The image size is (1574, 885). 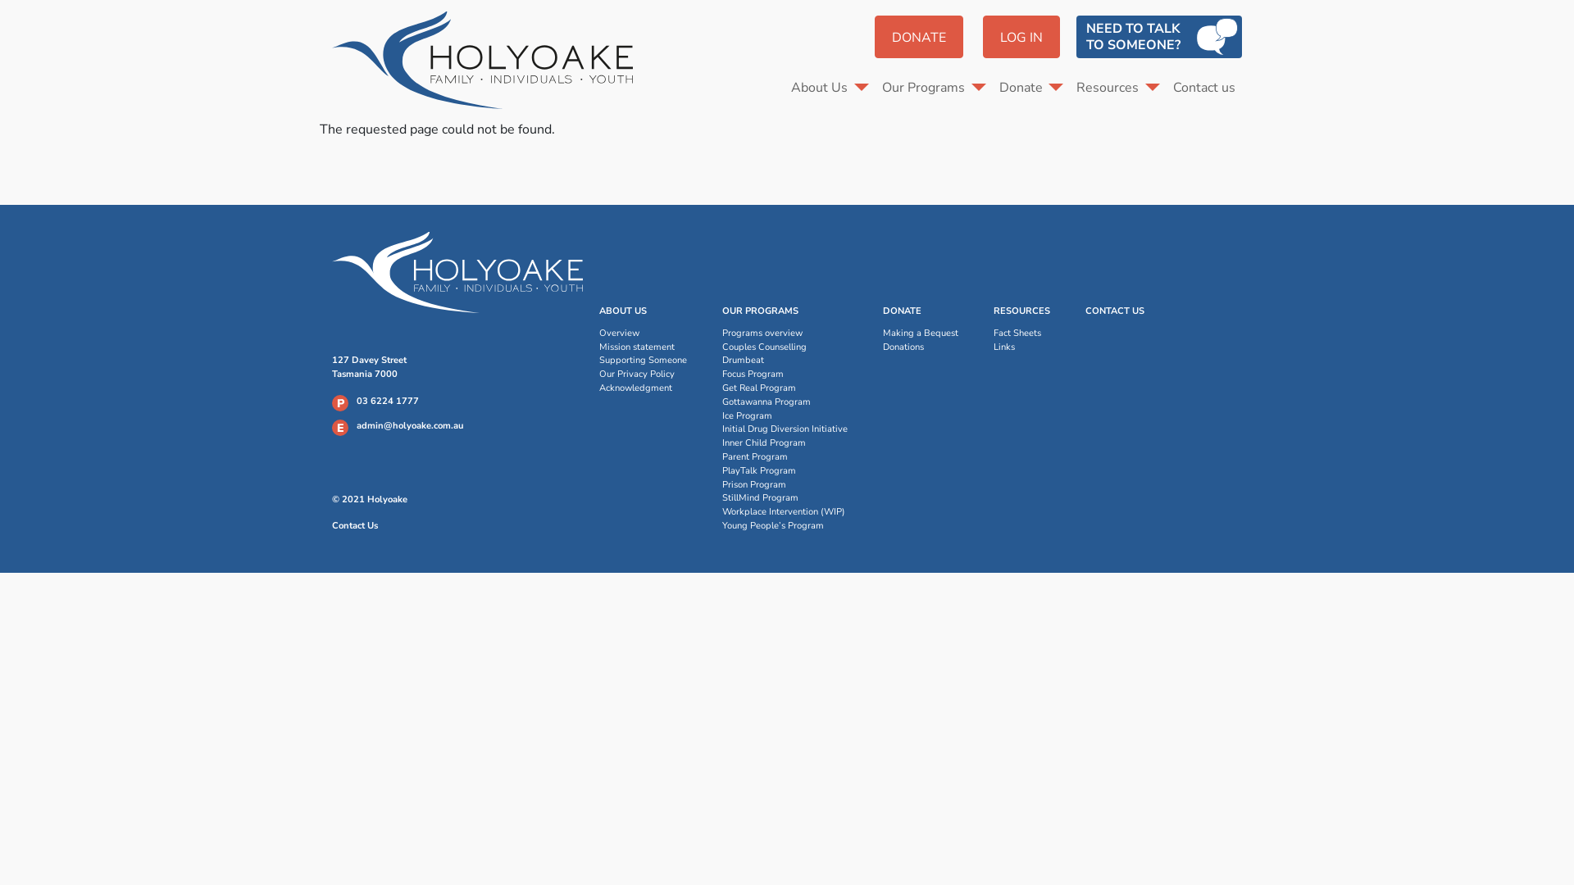 I want to click on 'Contact us', so click(x=1203, y=88).